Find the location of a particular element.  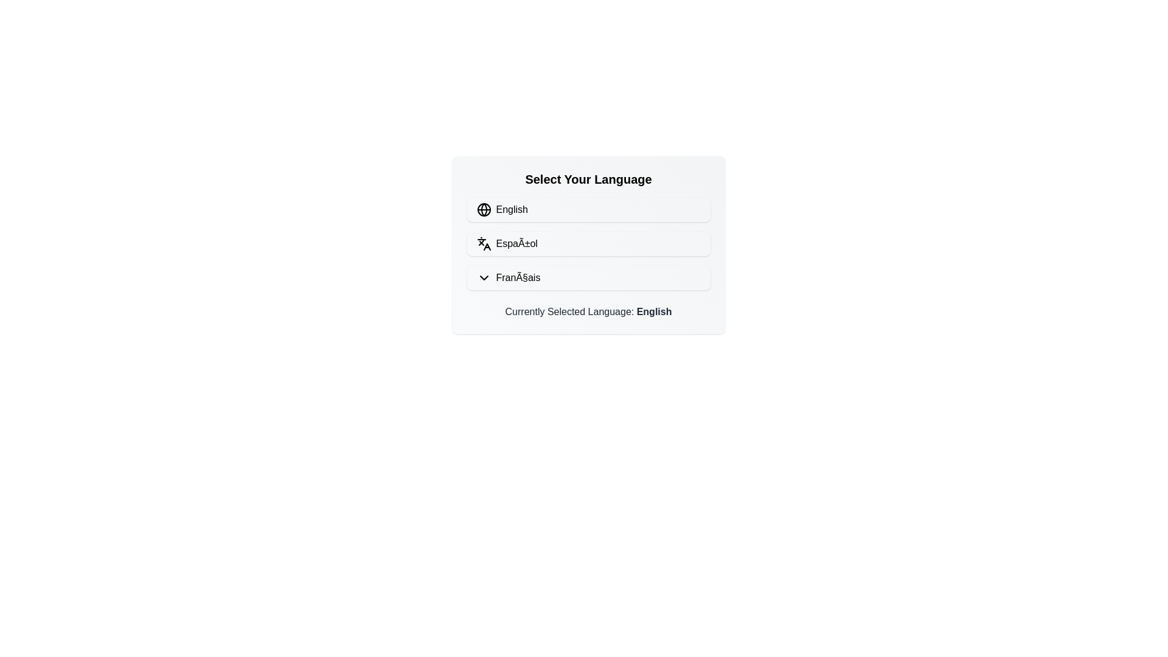

the language icon representing 'Español', which is black and located left of the text within the button in the language selection section is located at coordinates (483, 244).